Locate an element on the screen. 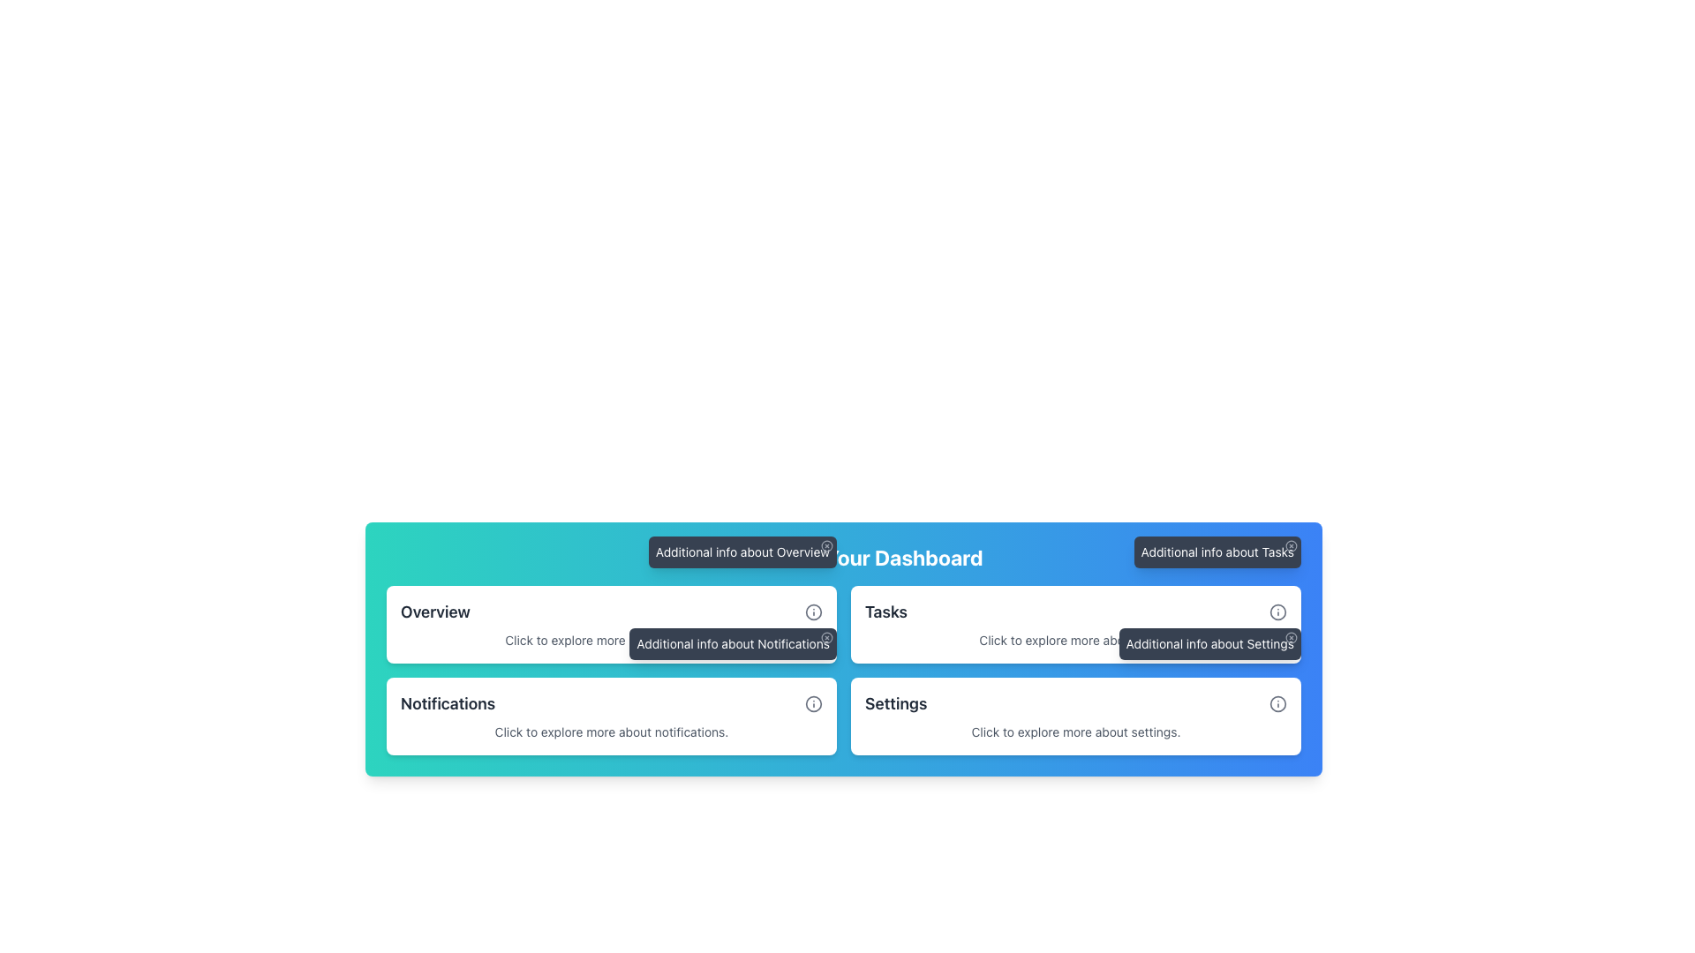  the circular icon located in the upper-right corner of the tooltip displaying 'Additional info about Settings' is located at coordinates (1292, 637).